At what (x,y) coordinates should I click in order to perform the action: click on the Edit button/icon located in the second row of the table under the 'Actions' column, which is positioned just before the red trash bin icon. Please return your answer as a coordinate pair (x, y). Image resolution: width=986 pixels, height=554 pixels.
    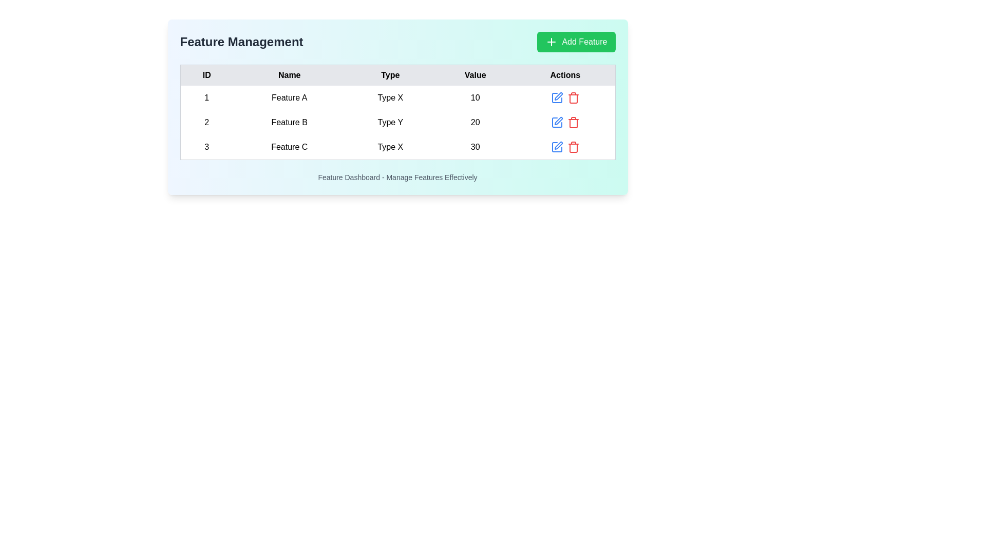
    Looking at the image, I should click on (556, 122).